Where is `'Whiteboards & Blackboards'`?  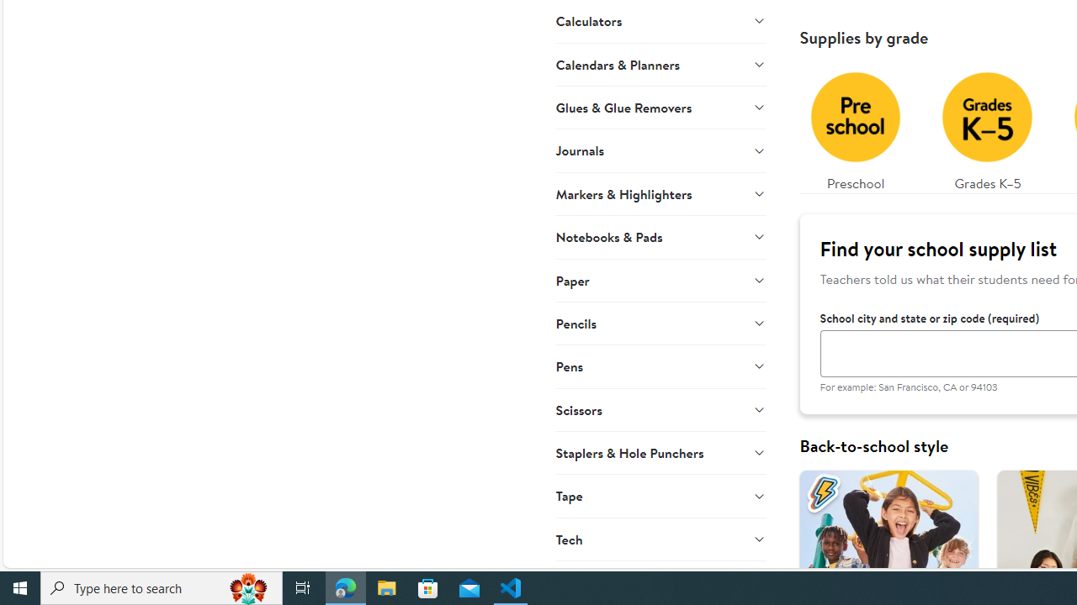
'Whiteboards & Blackboards' is located at coordinates (660, 581).